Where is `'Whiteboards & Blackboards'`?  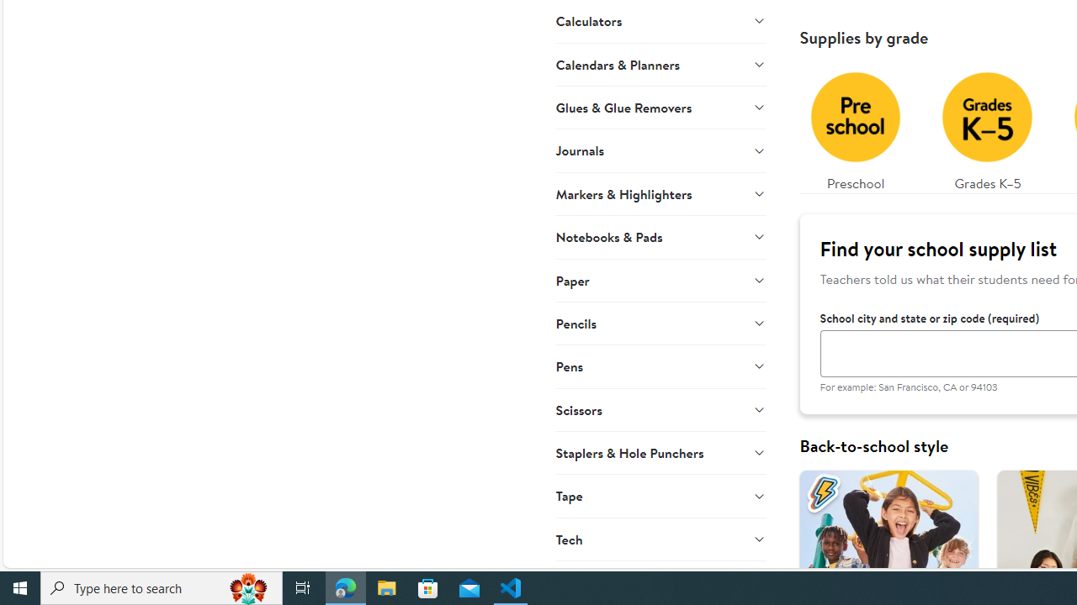
'Whiteboards & Blackboards' is located at coordinates (660, 581).